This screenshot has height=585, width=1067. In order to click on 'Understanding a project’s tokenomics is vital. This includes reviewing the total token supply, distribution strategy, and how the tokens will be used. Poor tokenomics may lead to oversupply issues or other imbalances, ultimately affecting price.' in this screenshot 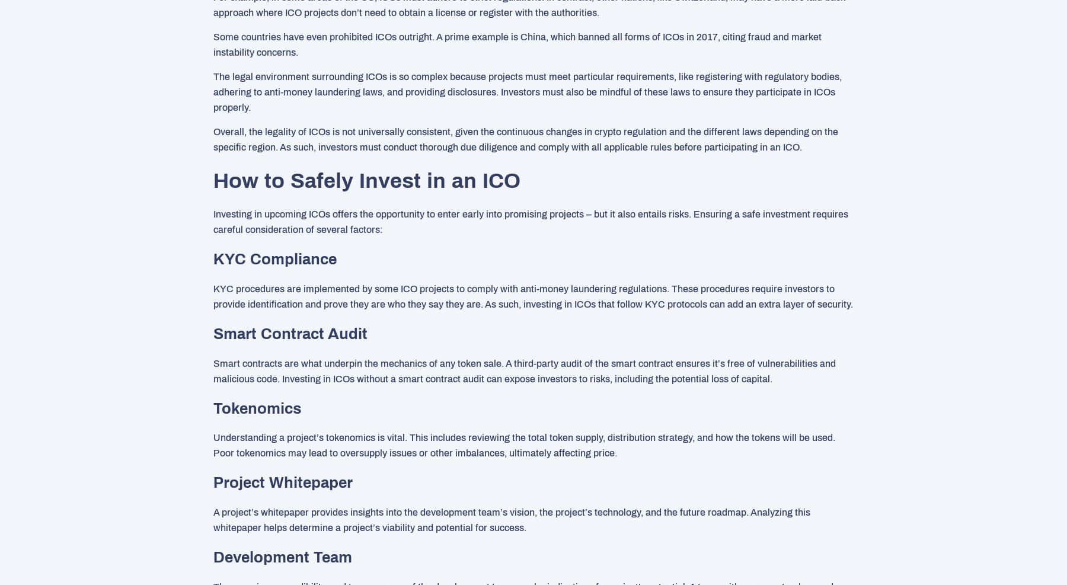, I will do `click(213, 445)`.